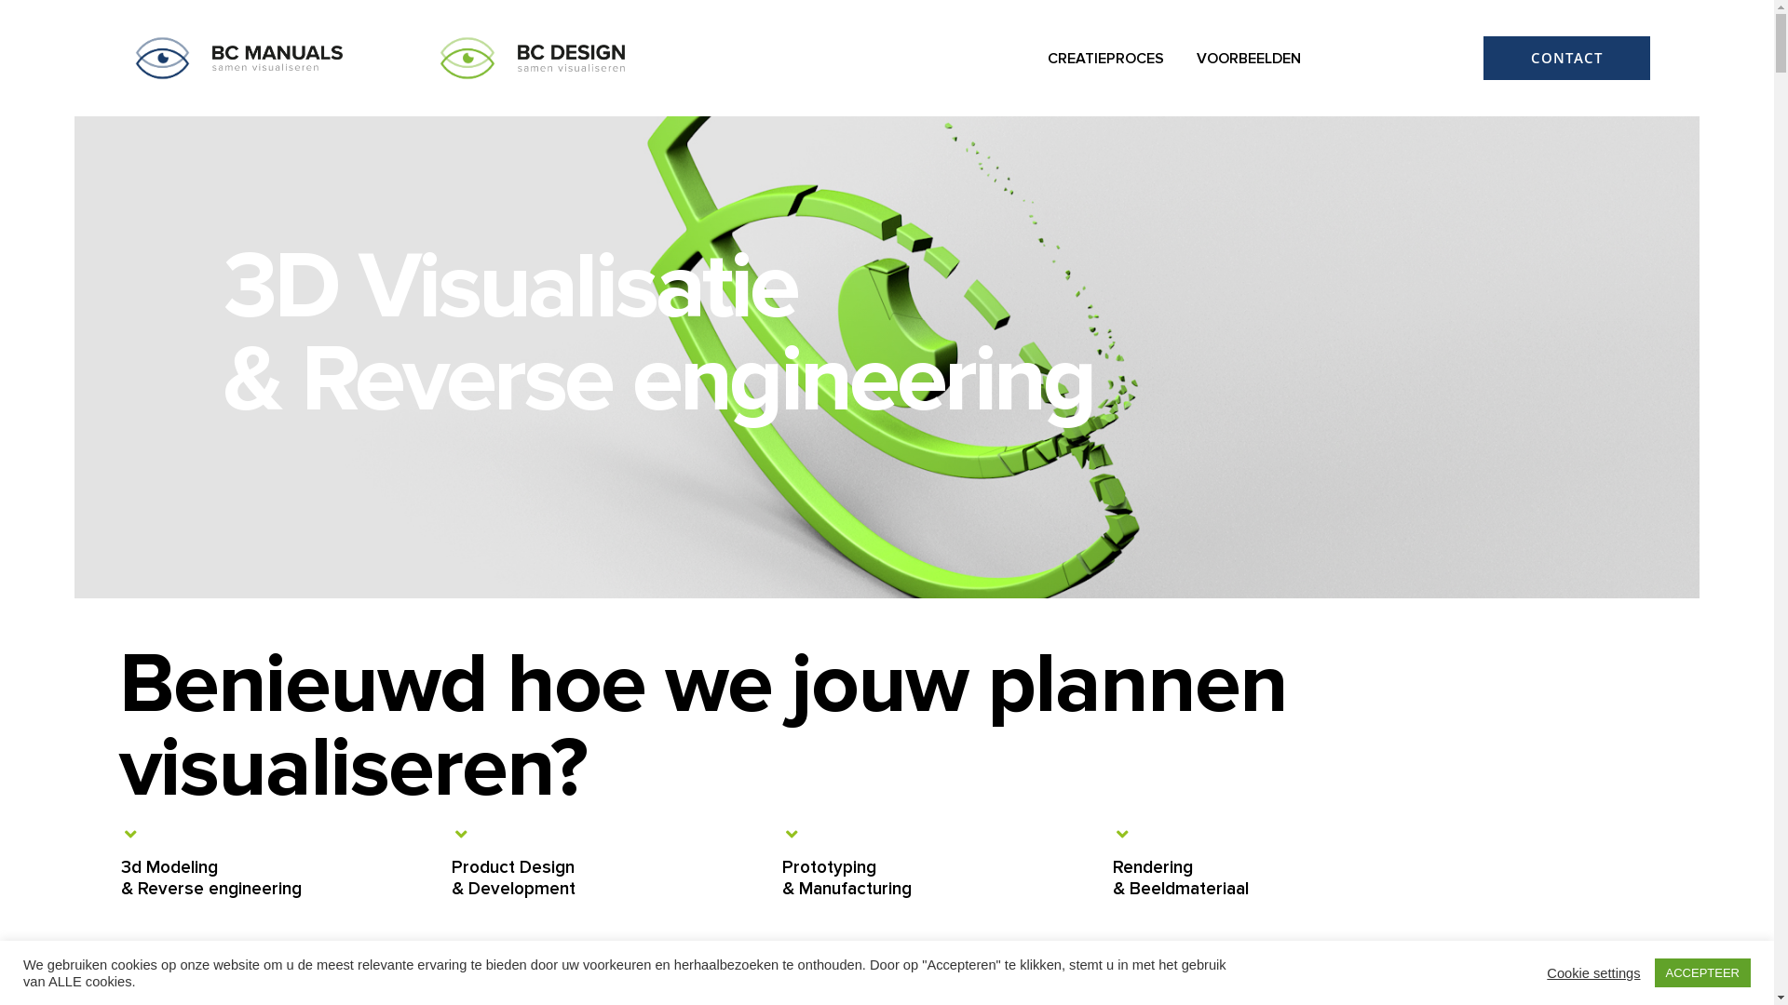  Describe the element at coordinates (1565, 57) in the screenshot. I see `'CONTACT'` at that location.